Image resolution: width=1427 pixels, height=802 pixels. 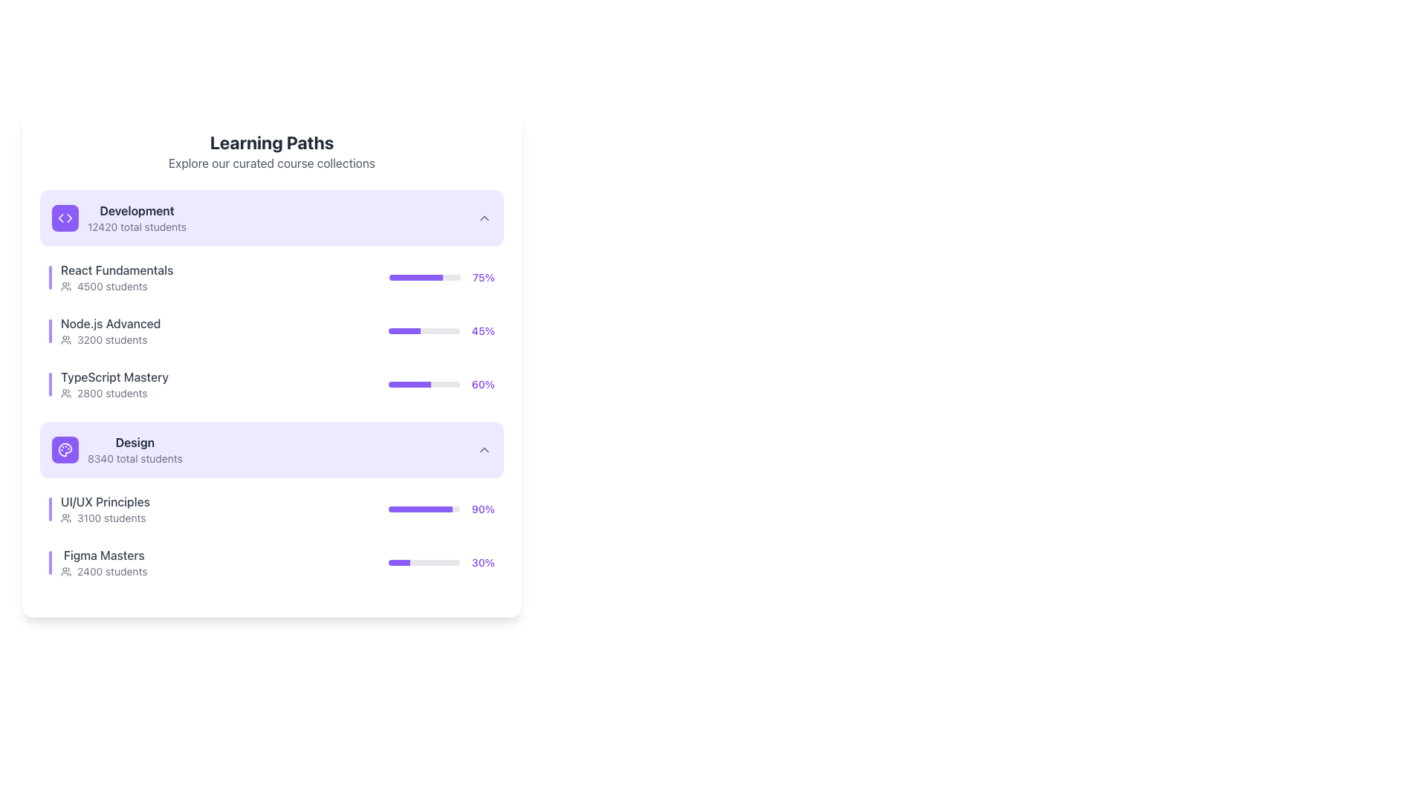 What do you see at coordinates (271, 563) in the screenshot?
I see `the course name 'Figma Masters' in the course overview listing` at bounding box center [271, 563].